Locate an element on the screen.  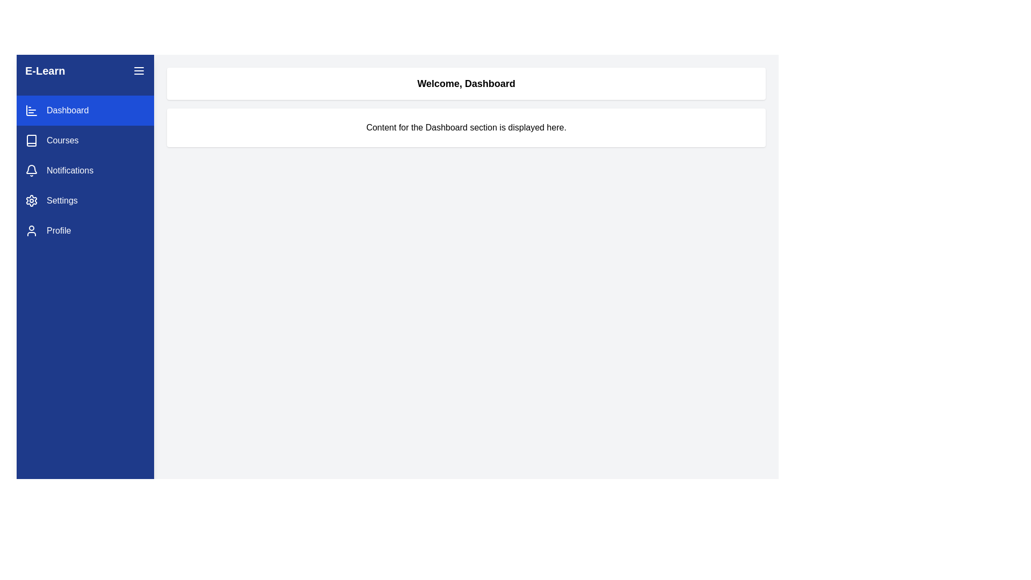
the Interactive navigational button that navigates to the Dashboard section is located at coordinates (84, 110).